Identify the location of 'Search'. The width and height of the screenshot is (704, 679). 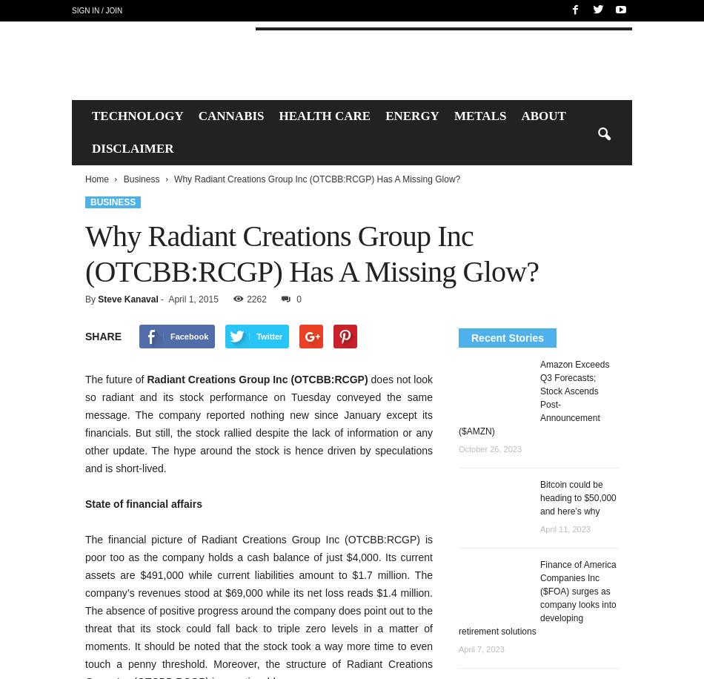
(351, 59).